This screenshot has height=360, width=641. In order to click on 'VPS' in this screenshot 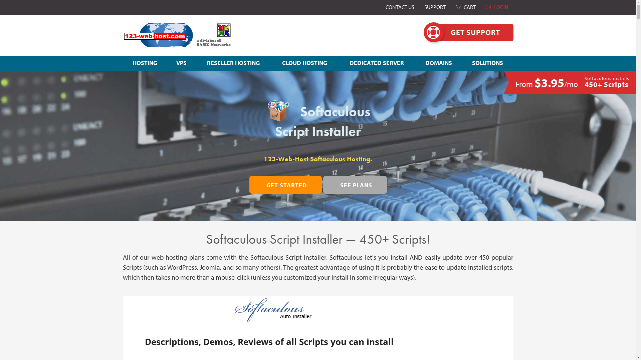, I will do `click(171, 63)`.